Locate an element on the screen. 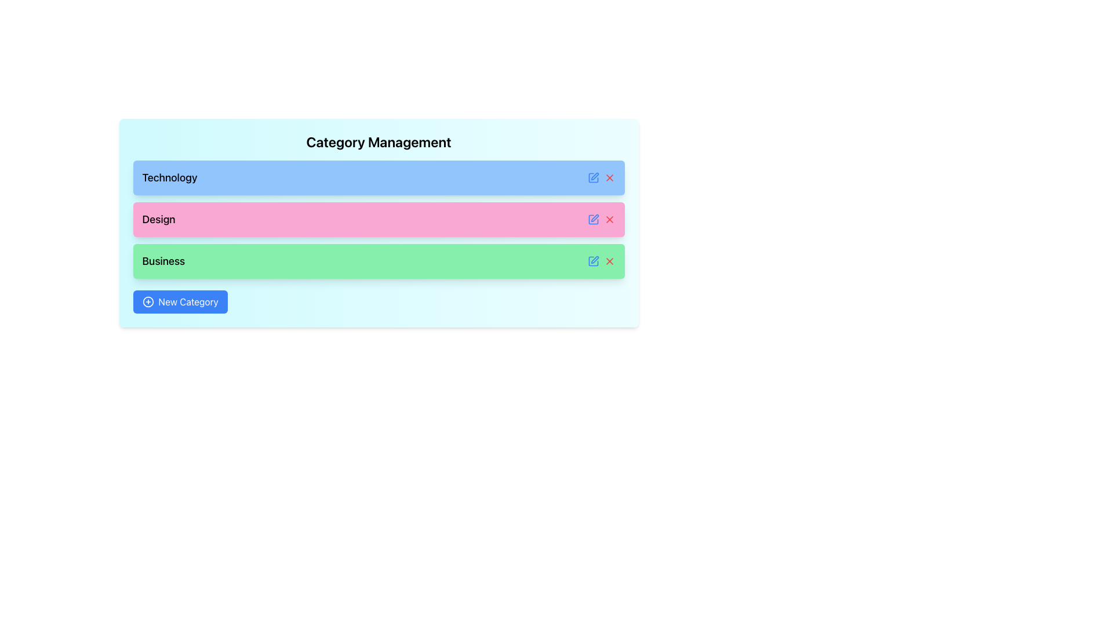 This screenshot has height=626, width=1113. the 'edit' button in the 'Design' category is located at coordinates (593, 219).